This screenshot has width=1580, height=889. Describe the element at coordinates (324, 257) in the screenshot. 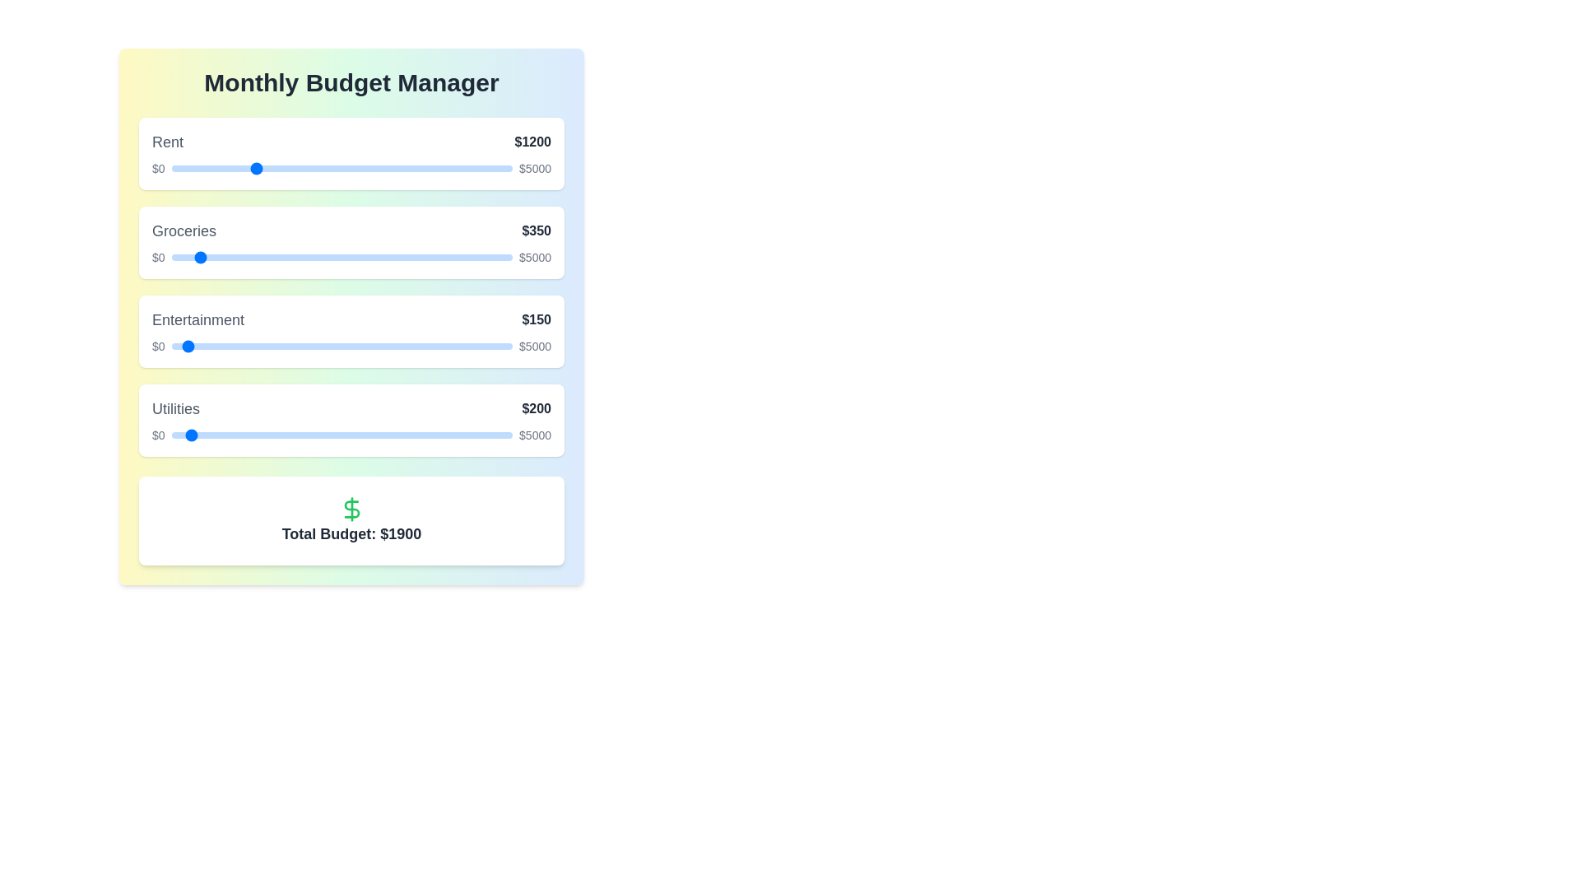

I see `groceries budget slider` at that location.